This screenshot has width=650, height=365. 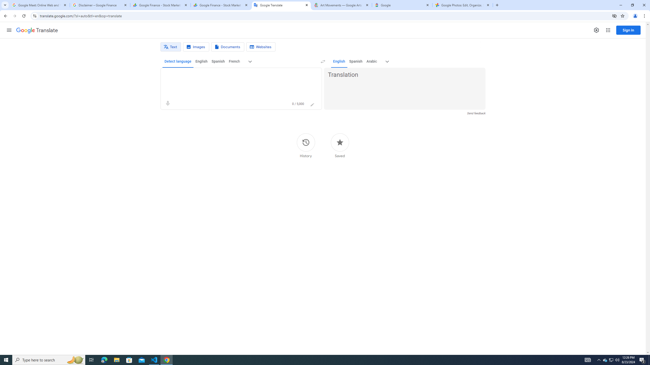 What do you see at coordinates (402, 5) in the screenshot?
I see `'Google'` at bounding box center [402, 5].